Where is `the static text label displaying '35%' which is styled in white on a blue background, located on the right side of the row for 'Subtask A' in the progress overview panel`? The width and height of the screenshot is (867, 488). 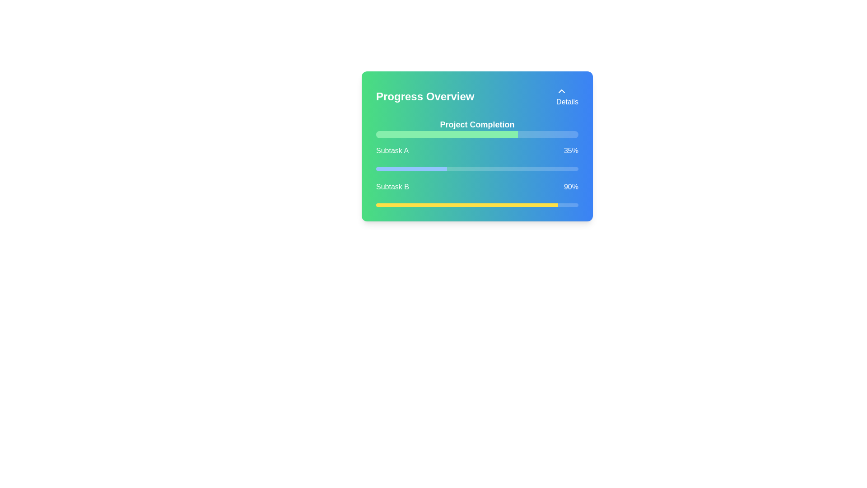
the static text label displaying '35%' which is styled in white on a blue background, located on the right side of the row for 'Subtask A' in the progress overview panel is located at coordinates (570, 150).